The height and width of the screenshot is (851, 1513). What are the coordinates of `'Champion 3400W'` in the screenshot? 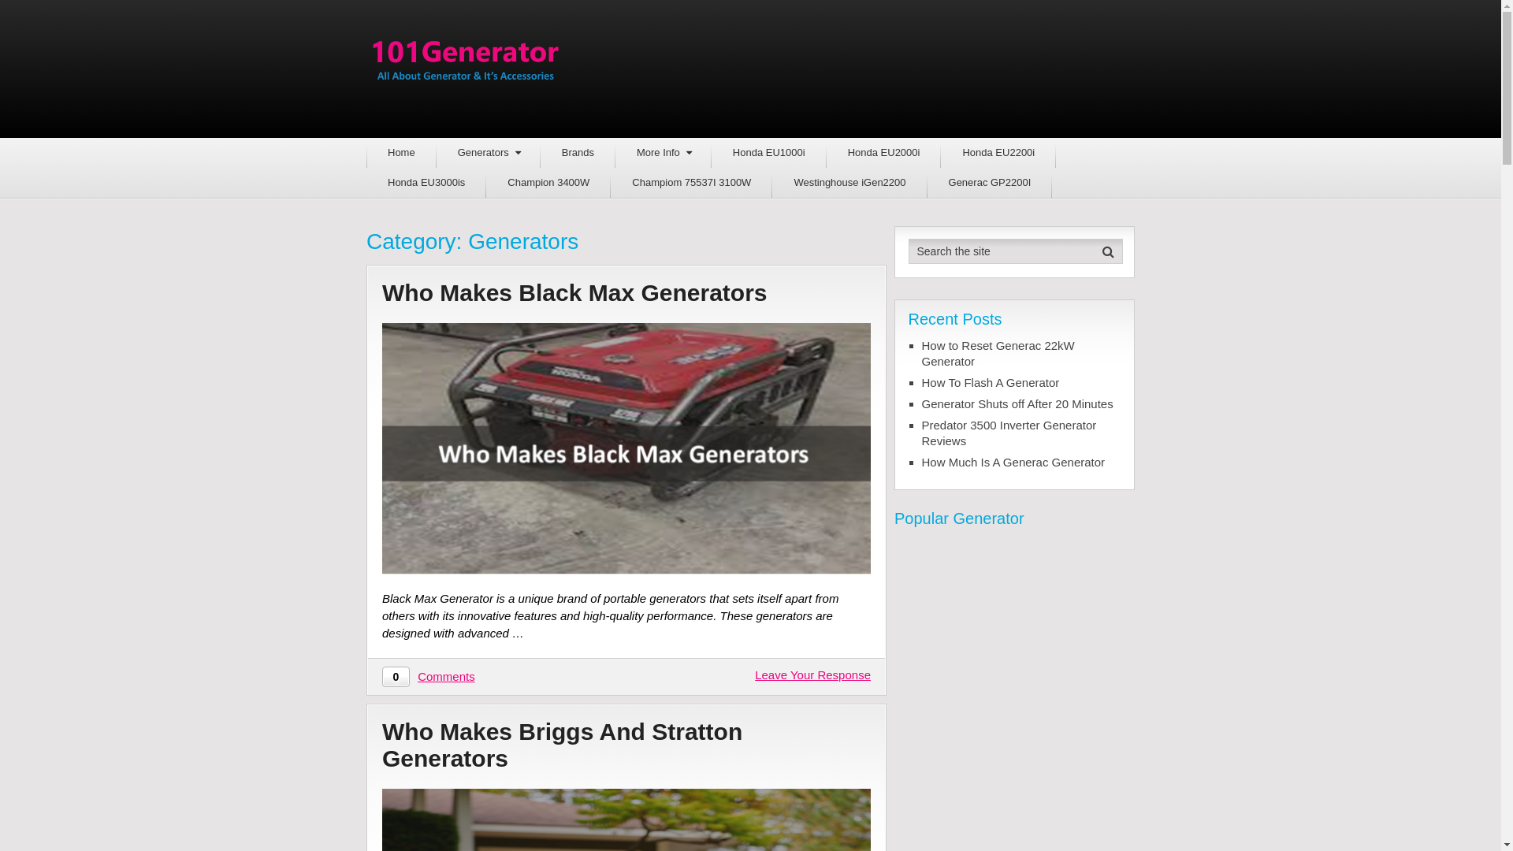 It's located at (548, 181).